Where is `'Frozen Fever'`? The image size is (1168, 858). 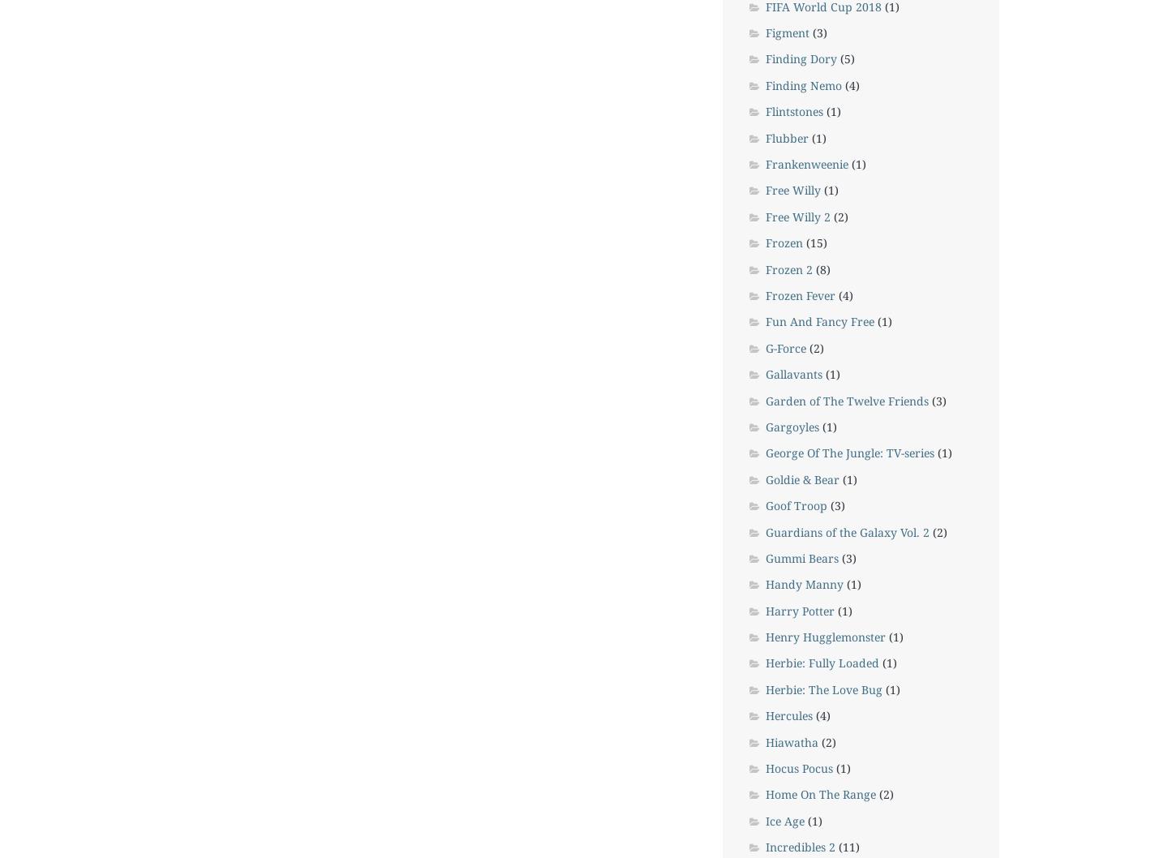
'Frozen Fever' is located at coordinates (765, 295).